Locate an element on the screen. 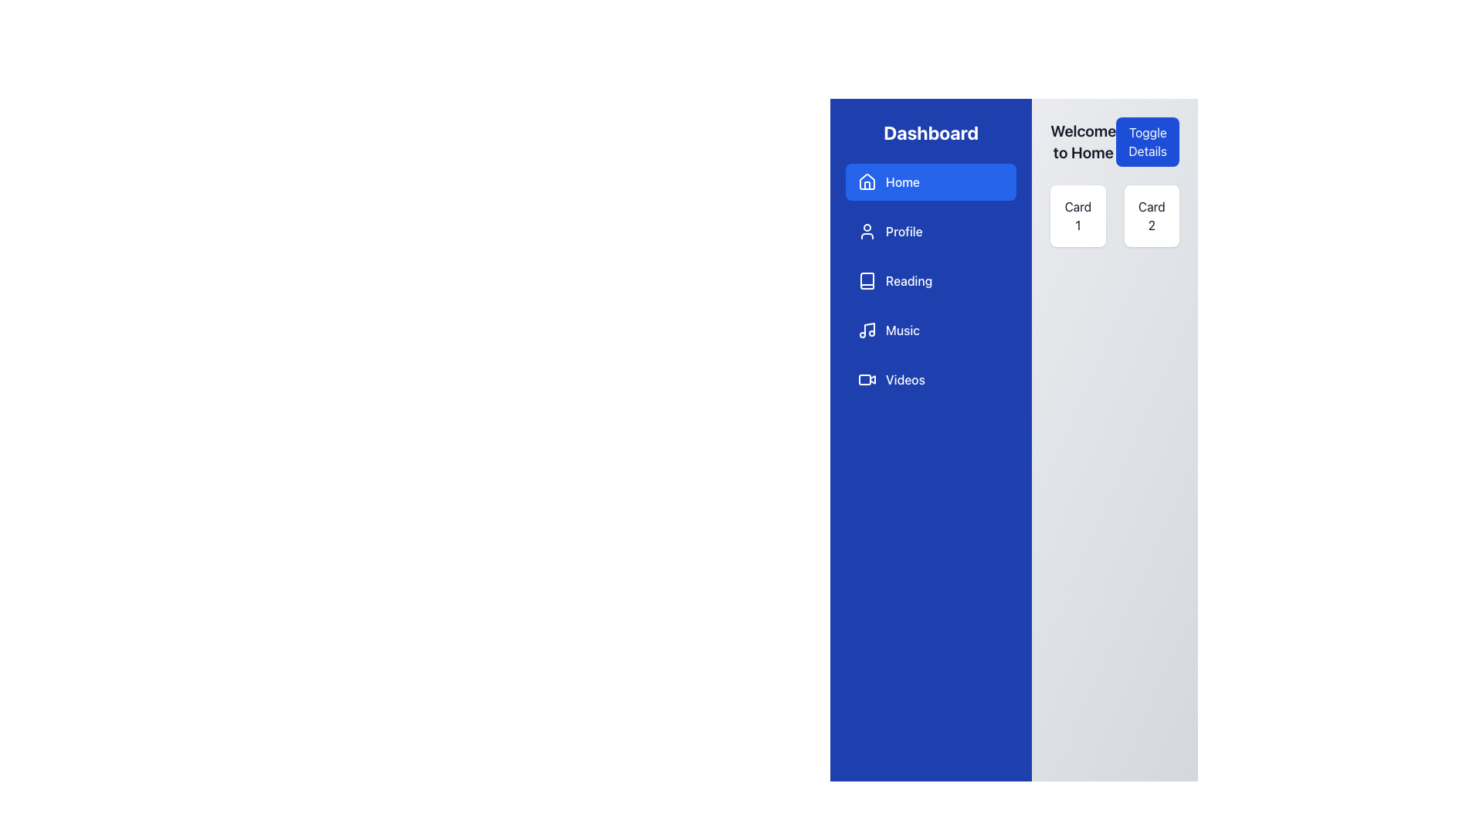  the third item in the vertical navigation menu labeled 'Reading' is located at coordinates (930, 280).